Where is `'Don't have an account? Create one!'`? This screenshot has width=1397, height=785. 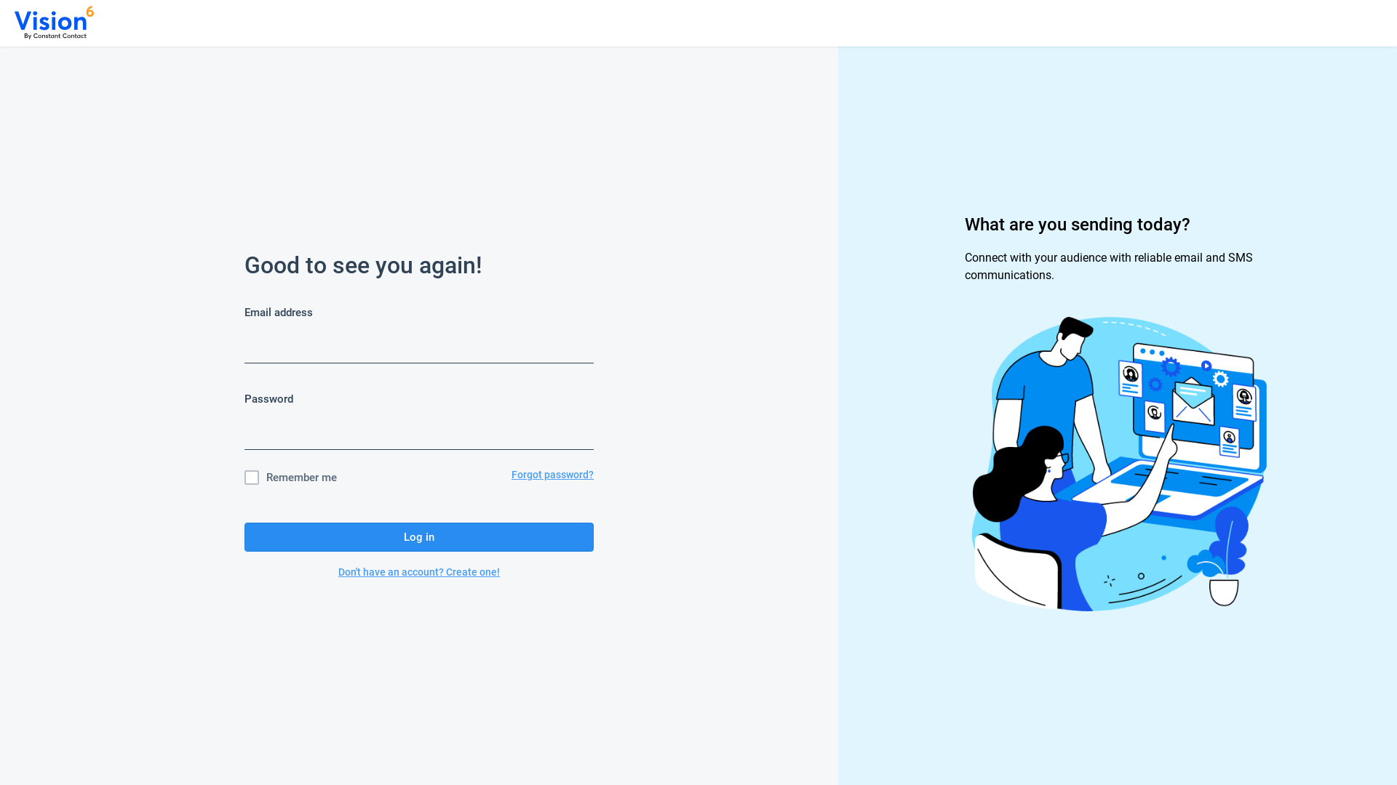
'Don't have an account? Create one!' is located at coordinates (418, 571).